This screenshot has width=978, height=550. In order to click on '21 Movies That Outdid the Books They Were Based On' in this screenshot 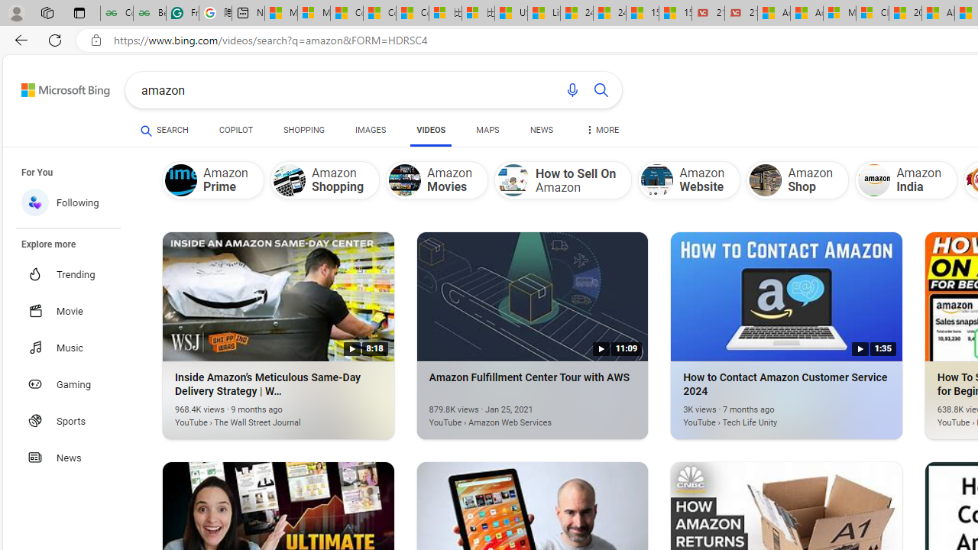, I will do `click(740, 13)`.